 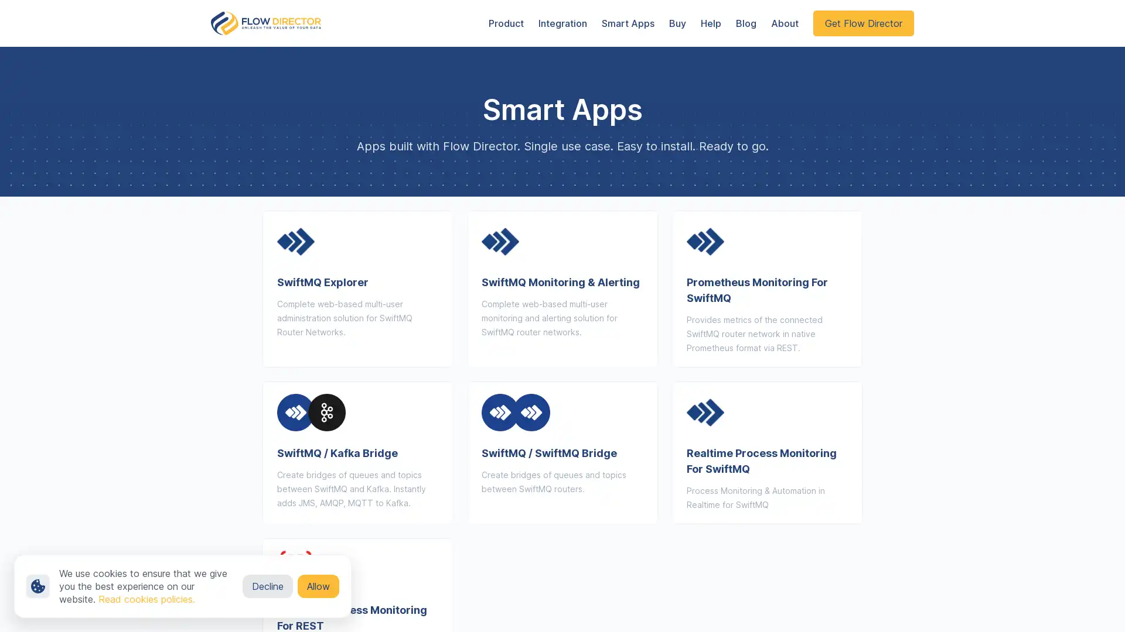 I want to click on Allow, so click(x=318, y=586).